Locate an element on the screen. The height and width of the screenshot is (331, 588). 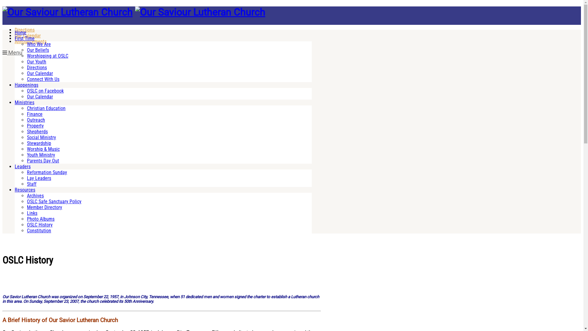
'Christian Education' is located at coordinates (46, 108).